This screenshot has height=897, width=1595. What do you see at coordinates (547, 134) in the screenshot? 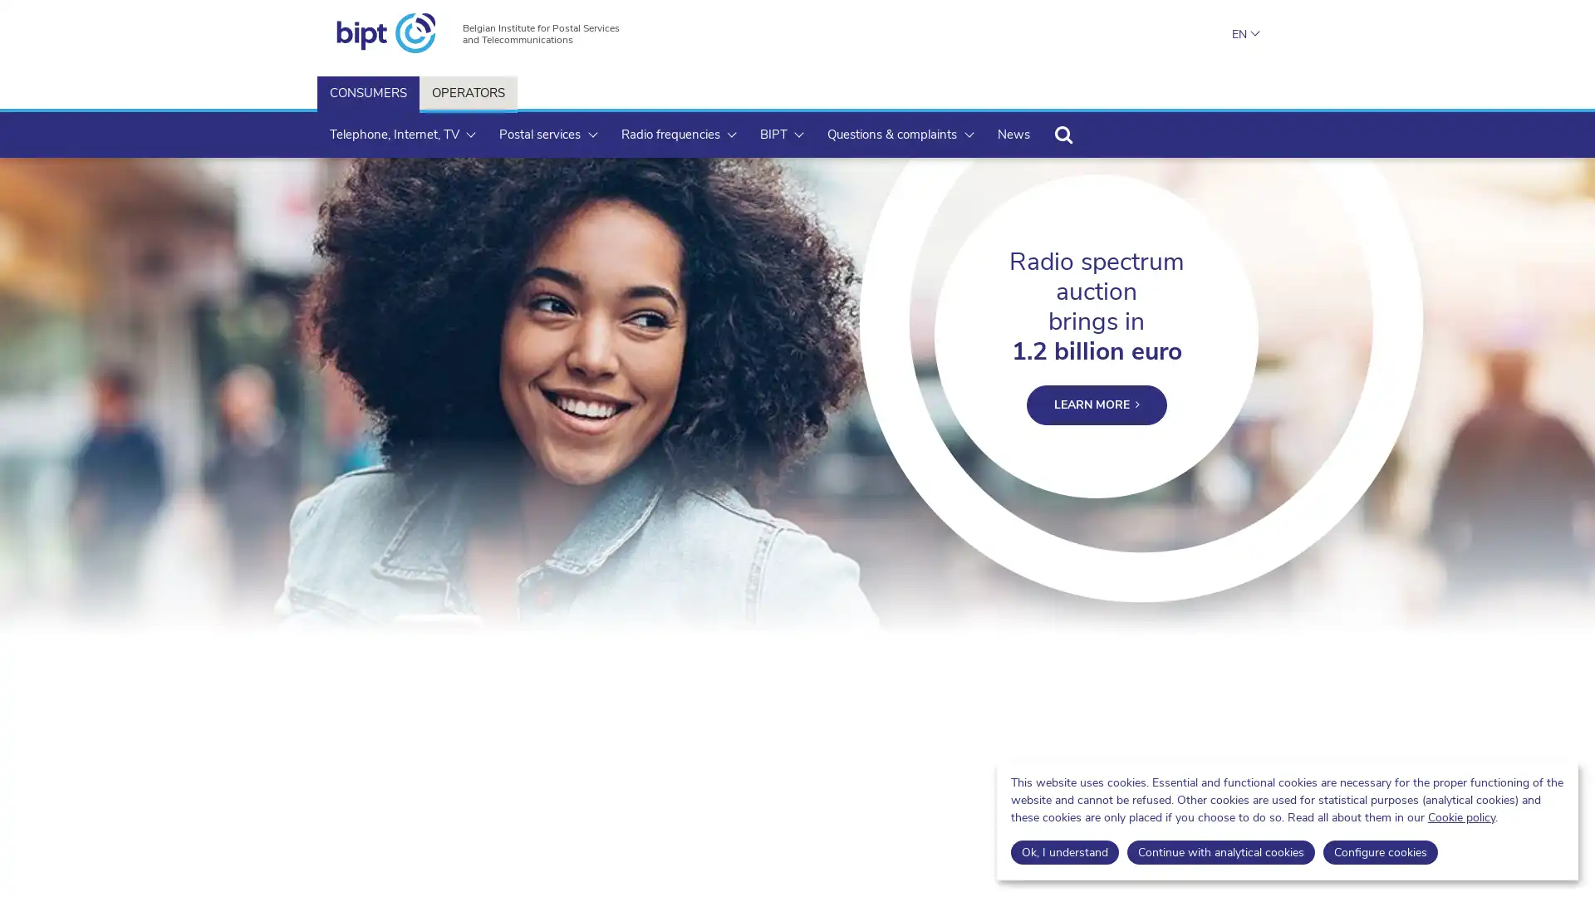
I see `Postal services` at bounding box center [547, 134].